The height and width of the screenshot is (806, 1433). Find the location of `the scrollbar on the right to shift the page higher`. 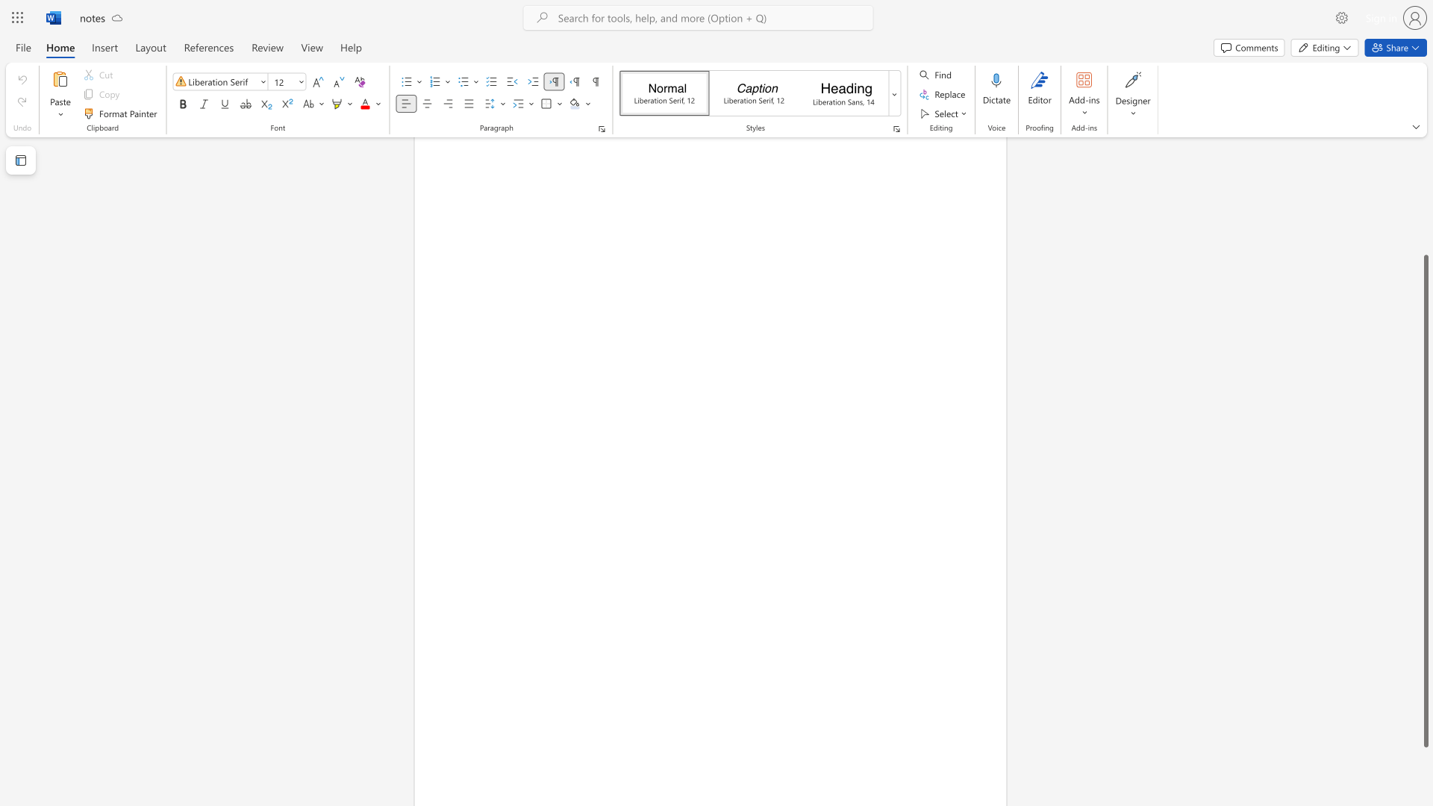

the scrollbar on the right to shift the page higher is located at coordinates (1425, 238).